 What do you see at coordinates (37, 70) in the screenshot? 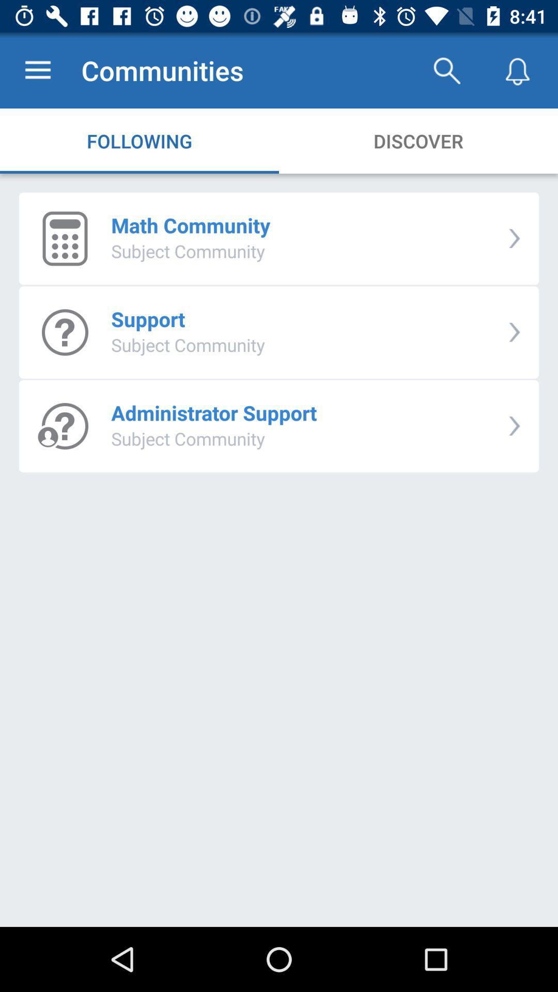
I see `app next to communities app` at bounding box center [37, 70].